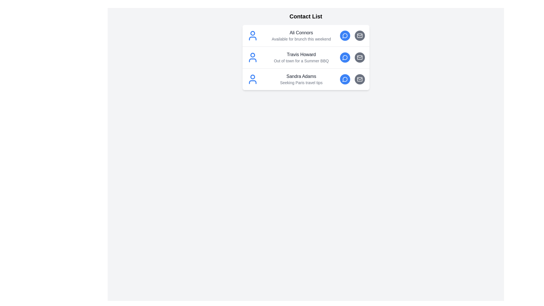 Image resolution: width=544 pixels, height=306 pixels. What do you see at coordinates (301, 39) in the screenshot?
I see `the secondary descriptive text displaying 'Available for brunch this weekend', located below 'Ali Connors' in the Contact List component` at bounding box center [301, 39].